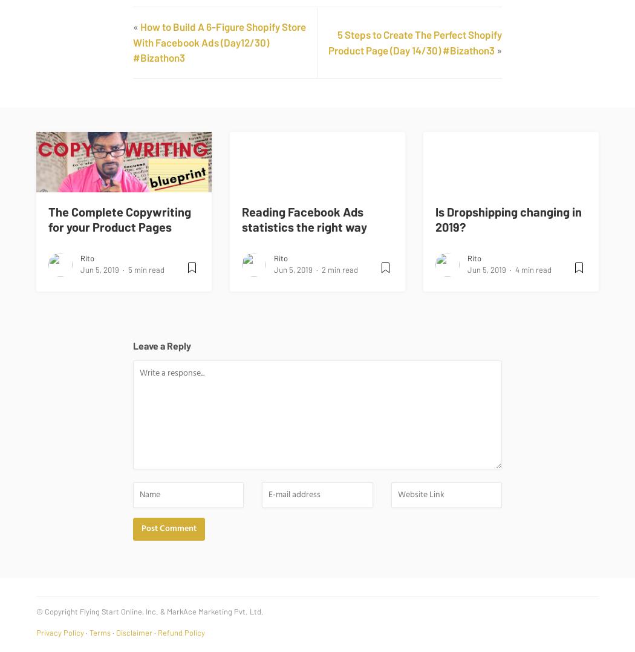 The height and width of the screenshot is (652, 635). What do you see at coordinates (180, 632) in the screenshot?
I see `'Refund Policy'` at bounding box center [180, 632].